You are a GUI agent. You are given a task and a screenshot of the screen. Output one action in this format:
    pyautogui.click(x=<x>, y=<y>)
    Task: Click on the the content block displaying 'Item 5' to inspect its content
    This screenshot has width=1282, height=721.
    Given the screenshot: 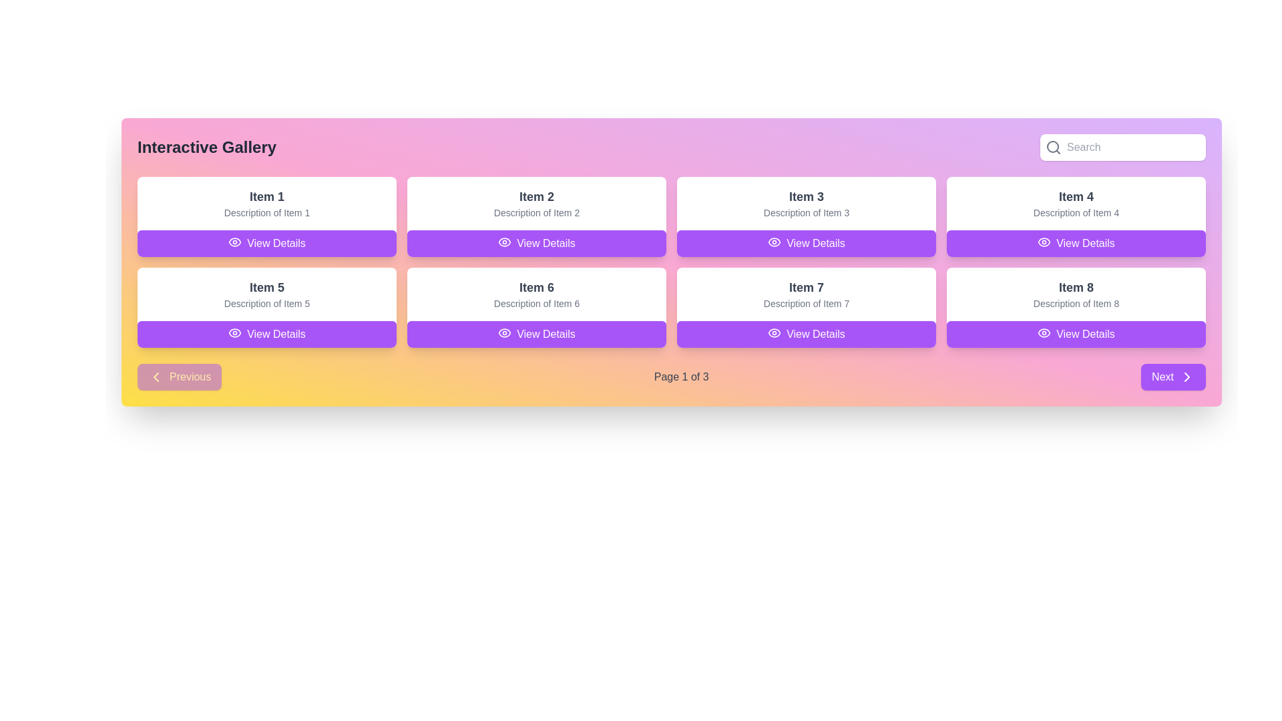 What is the action you would take?
    pyautogui.click(x=266, y=293)
    